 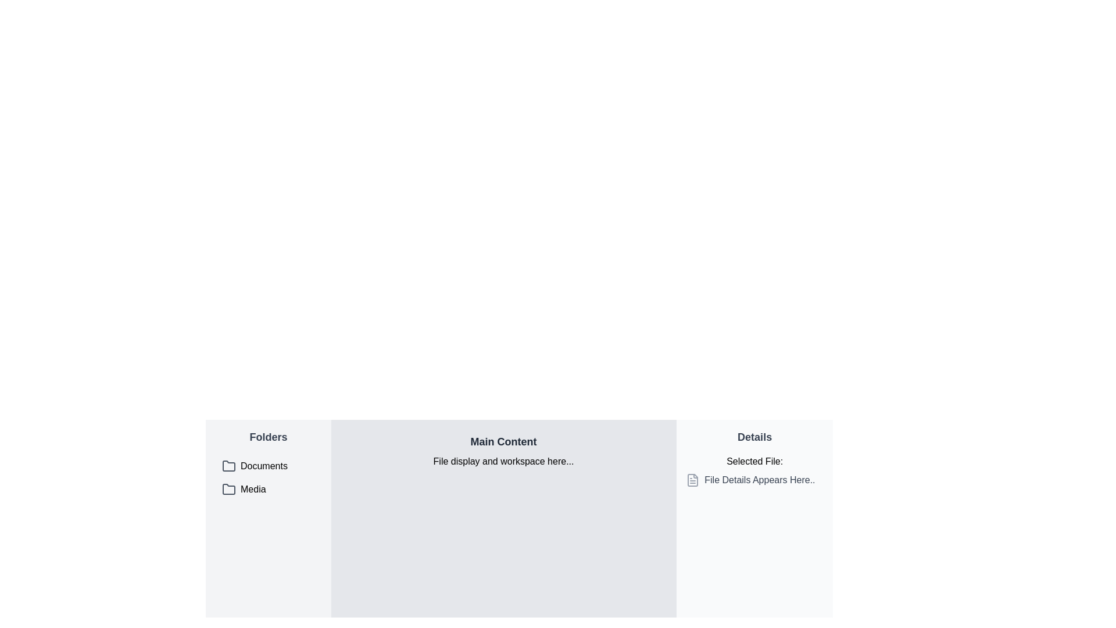 I want to click on the static text element reading 'File Details Appears Here..' located in the 'Details' section adjacent to a file icon, so click(x=760, y=480).